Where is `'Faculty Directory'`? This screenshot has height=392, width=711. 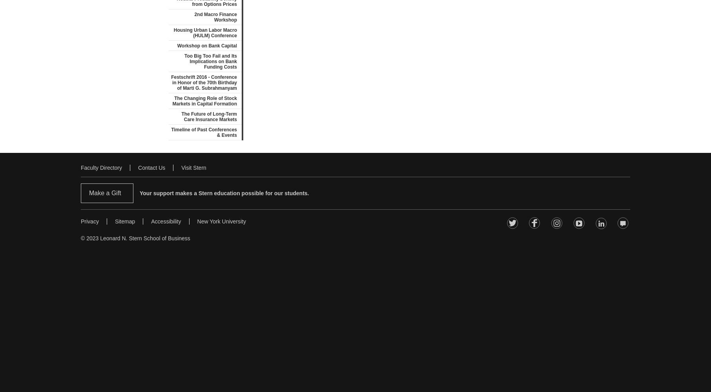
'Faculty Directory' is located at coordinates (101, 168).